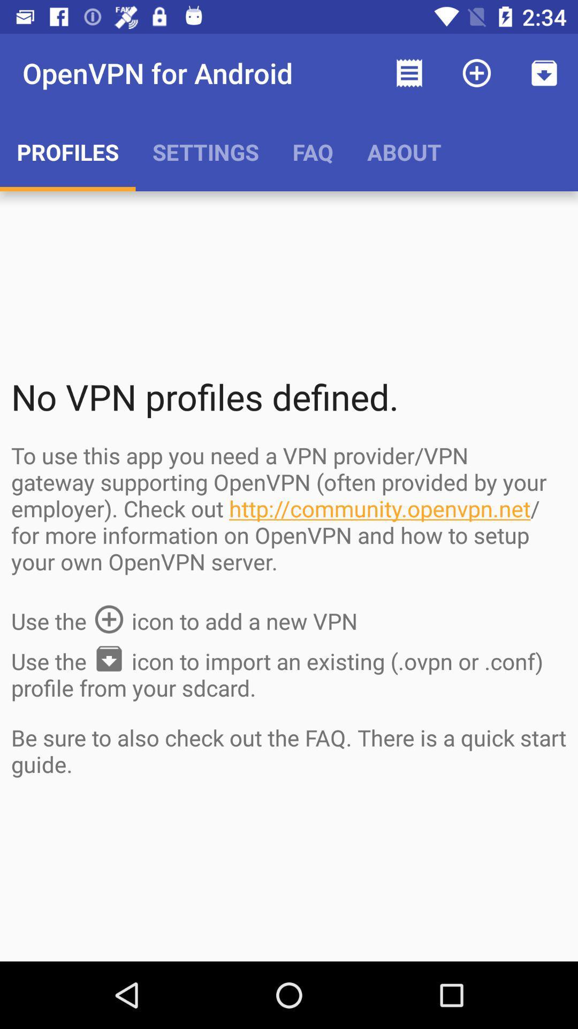 This screenshot has height=1029, width=578. What do you see at coordinates (409, 72) in the screenshot?
I see `the icon next to faq icon` at bounding box center [409, 72].